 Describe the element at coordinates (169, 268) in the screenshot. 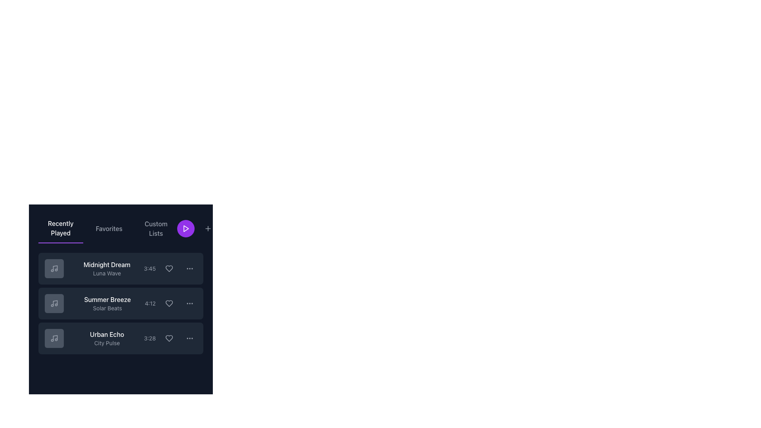

I see `the heart-shaped like button, which is gray initially and turns pink on hover, located to the right of the song title 'Midnight Dream' and its duration, just before the ellipsis menu` at that location.